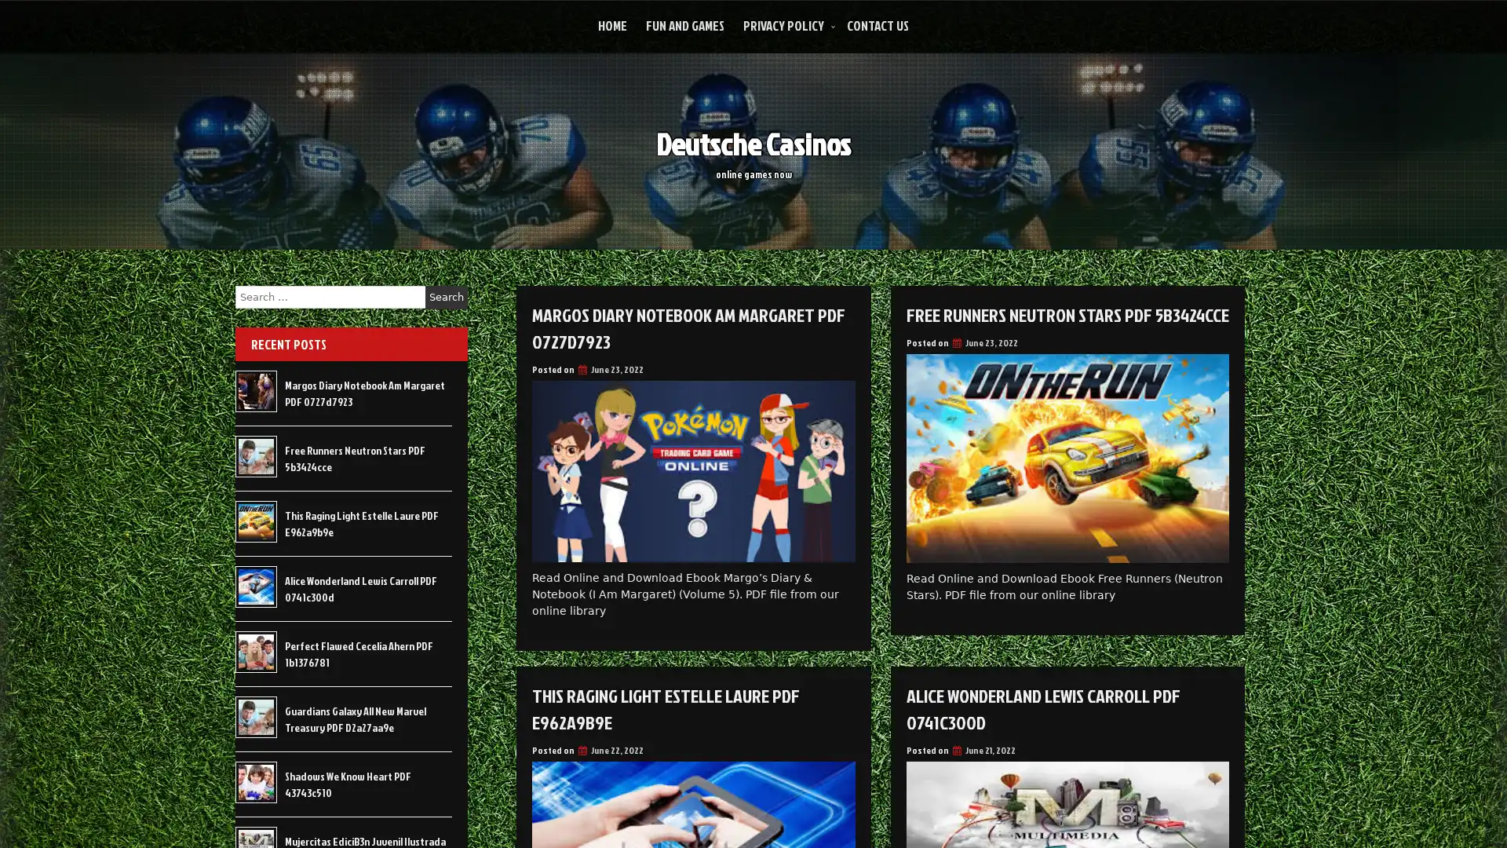 This screenshot has width=1507, height=848. What do you see at coordinates (446, 297) in the screenshot?
I see `Search` at bounding box center [446, 297].